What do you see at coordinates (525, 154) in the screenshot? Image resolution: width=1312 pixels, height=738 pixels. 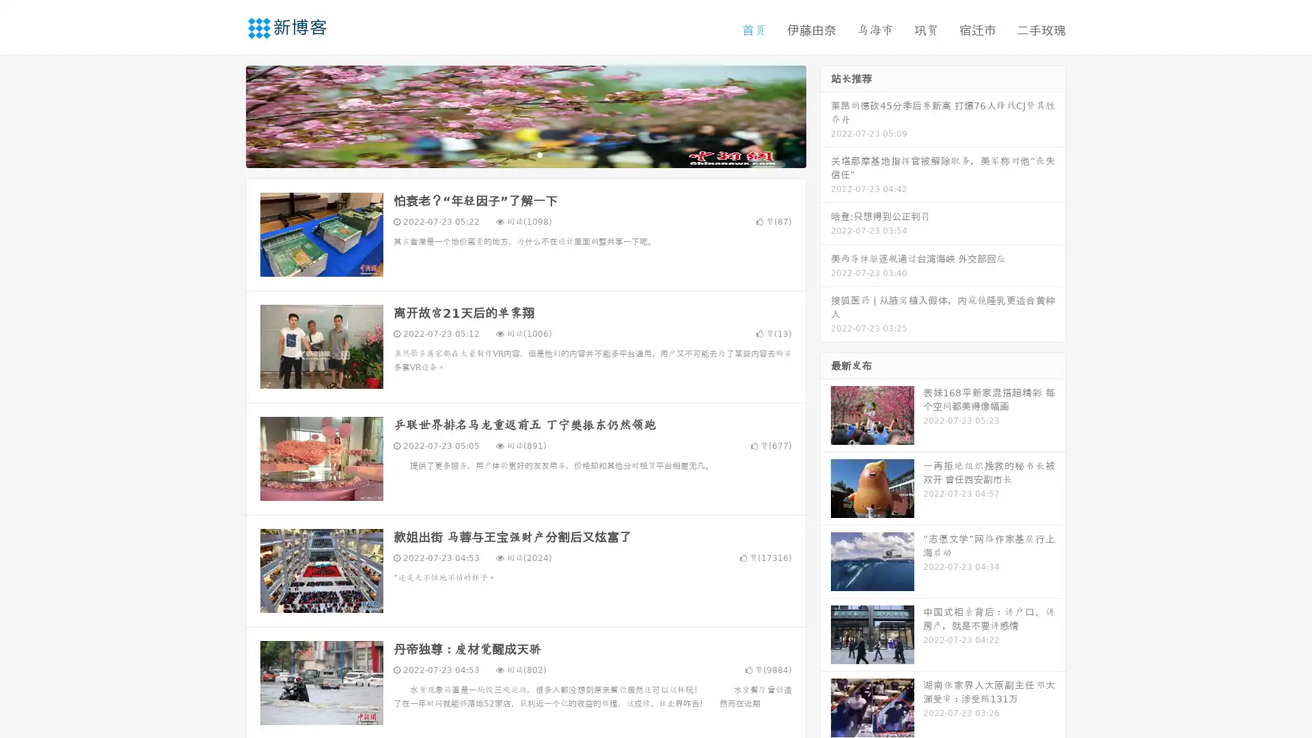 I see `Go to slide 2` at bounding box center [525, 154].